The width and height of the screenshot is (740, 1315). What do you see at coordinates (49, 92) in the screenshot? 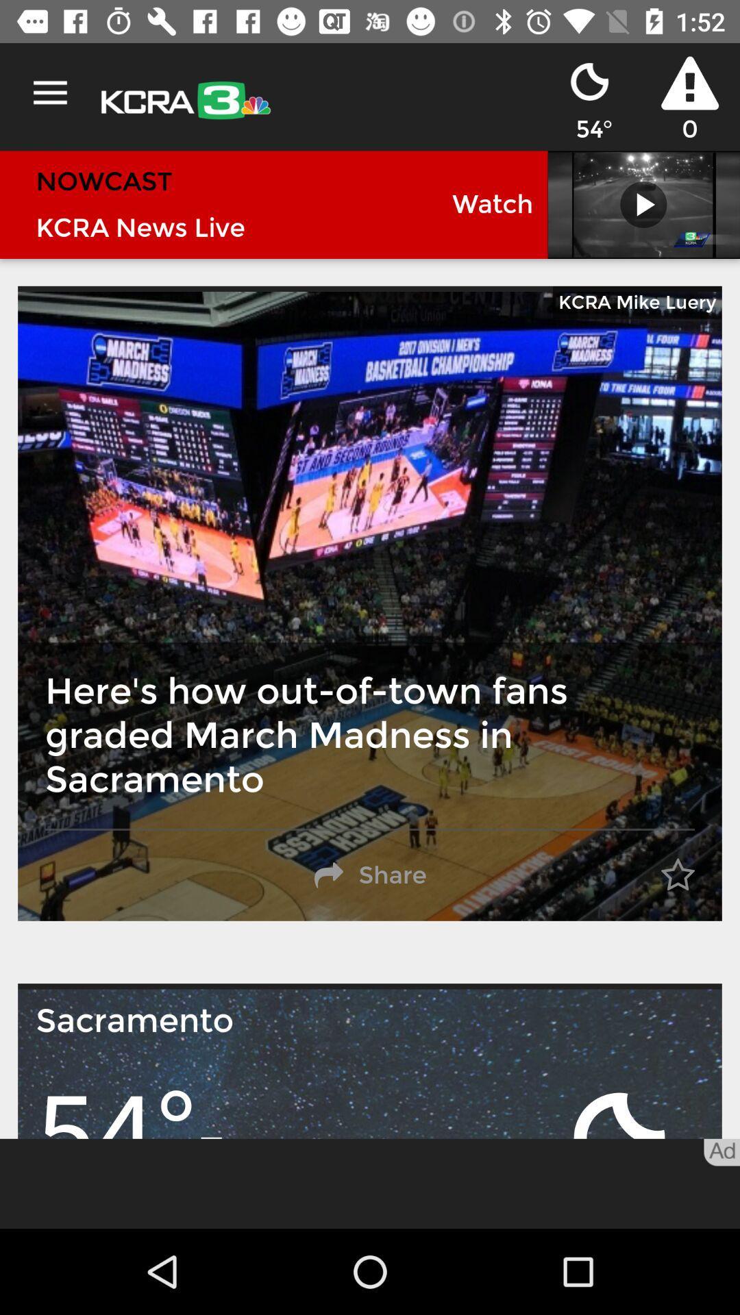
I see `icon above nowcast icon` at bounding box center [49, 92].